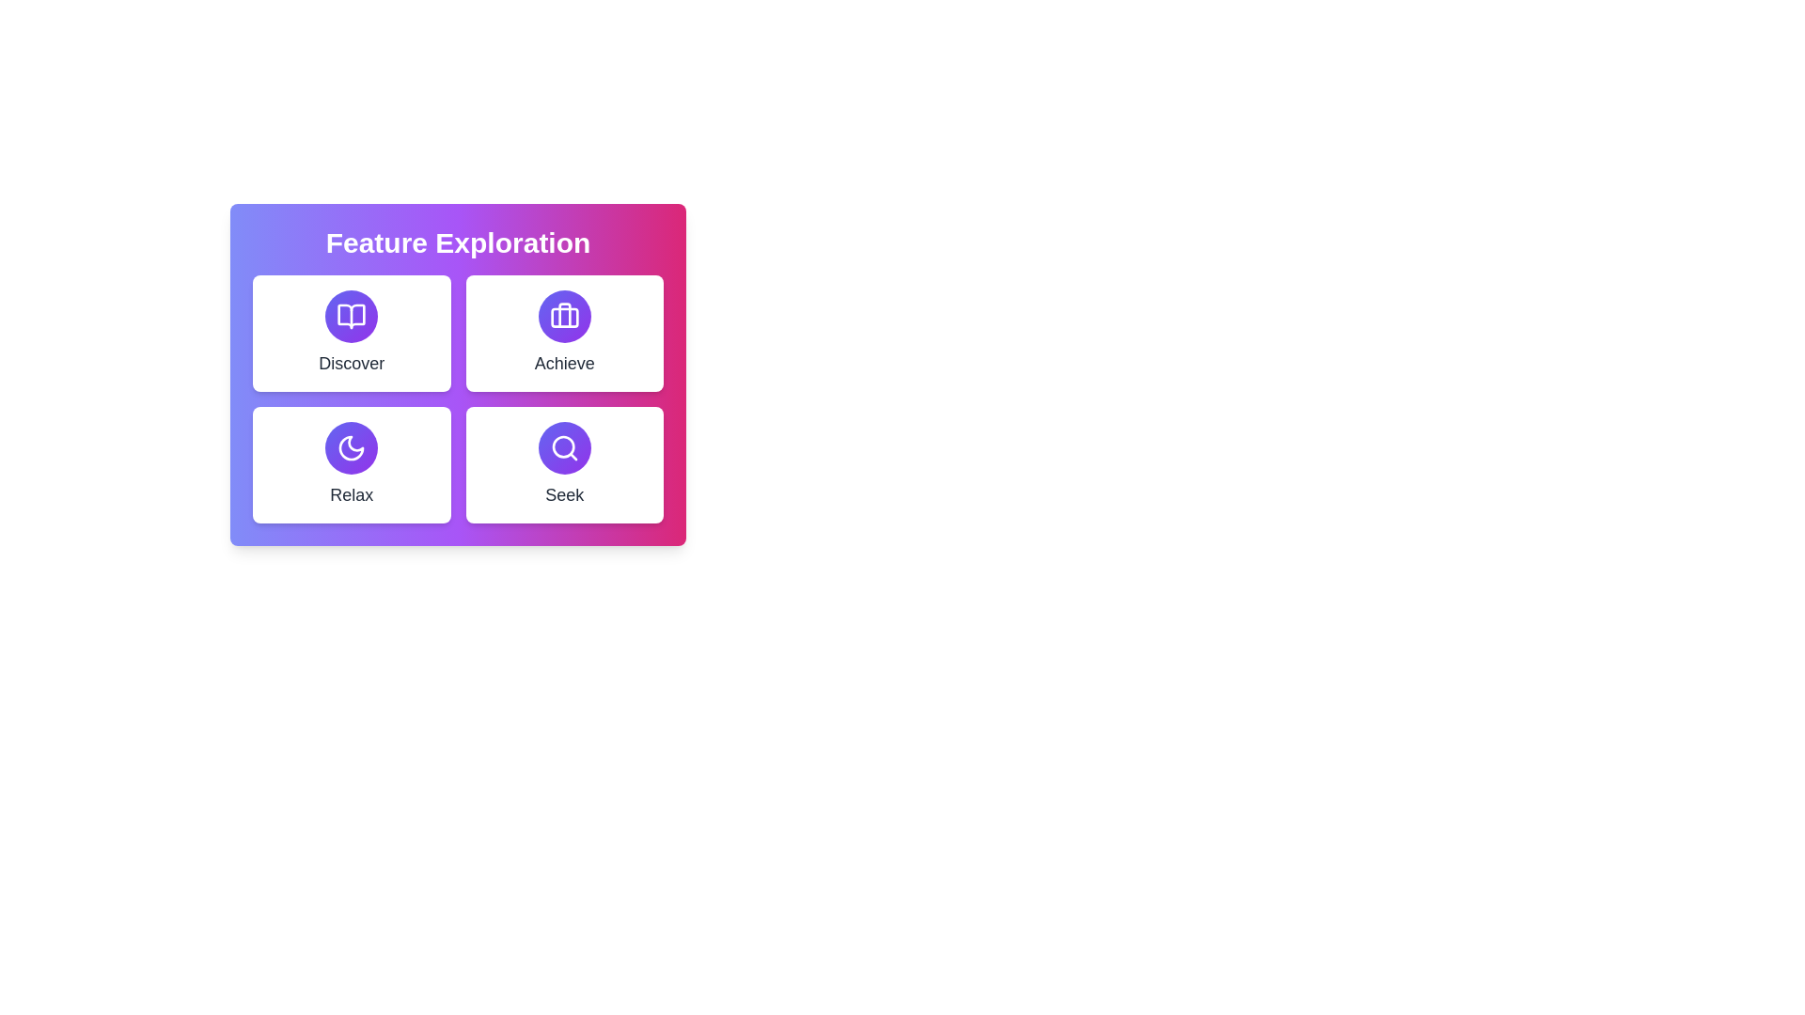  I want to click on the central 'Relax' button, so click(352, 448).